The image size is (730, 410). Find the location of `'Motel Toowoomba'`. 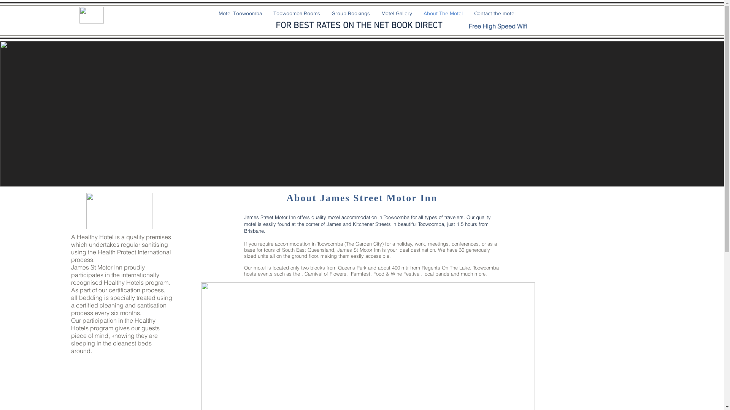

'Motel Toowoomba' is located at coordinates (240, 13).